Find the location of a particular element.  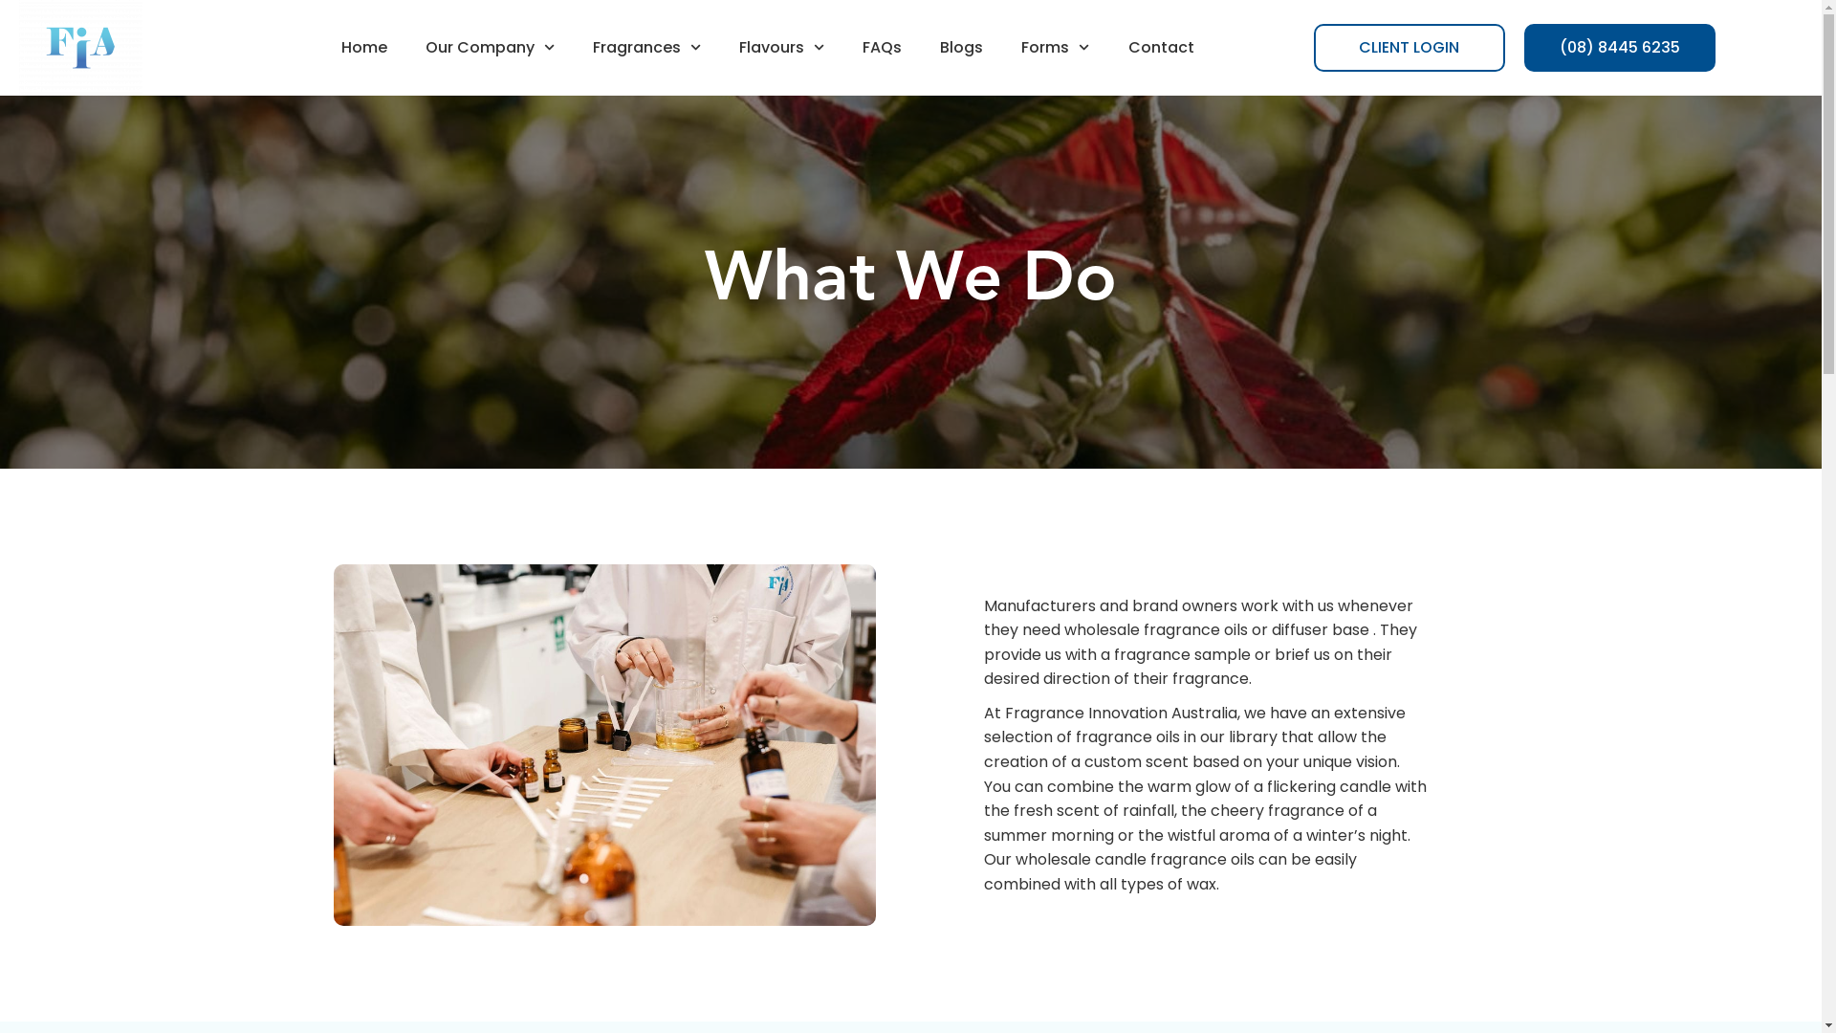

'Fragrances' is located at coordinates (646, 47).